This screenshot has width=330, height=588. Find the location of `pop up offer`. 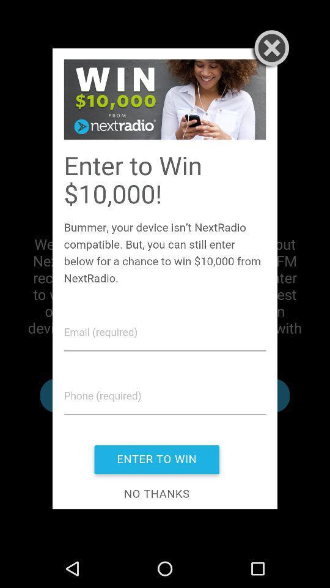

pop up offer is located at coordinates (165, 279).